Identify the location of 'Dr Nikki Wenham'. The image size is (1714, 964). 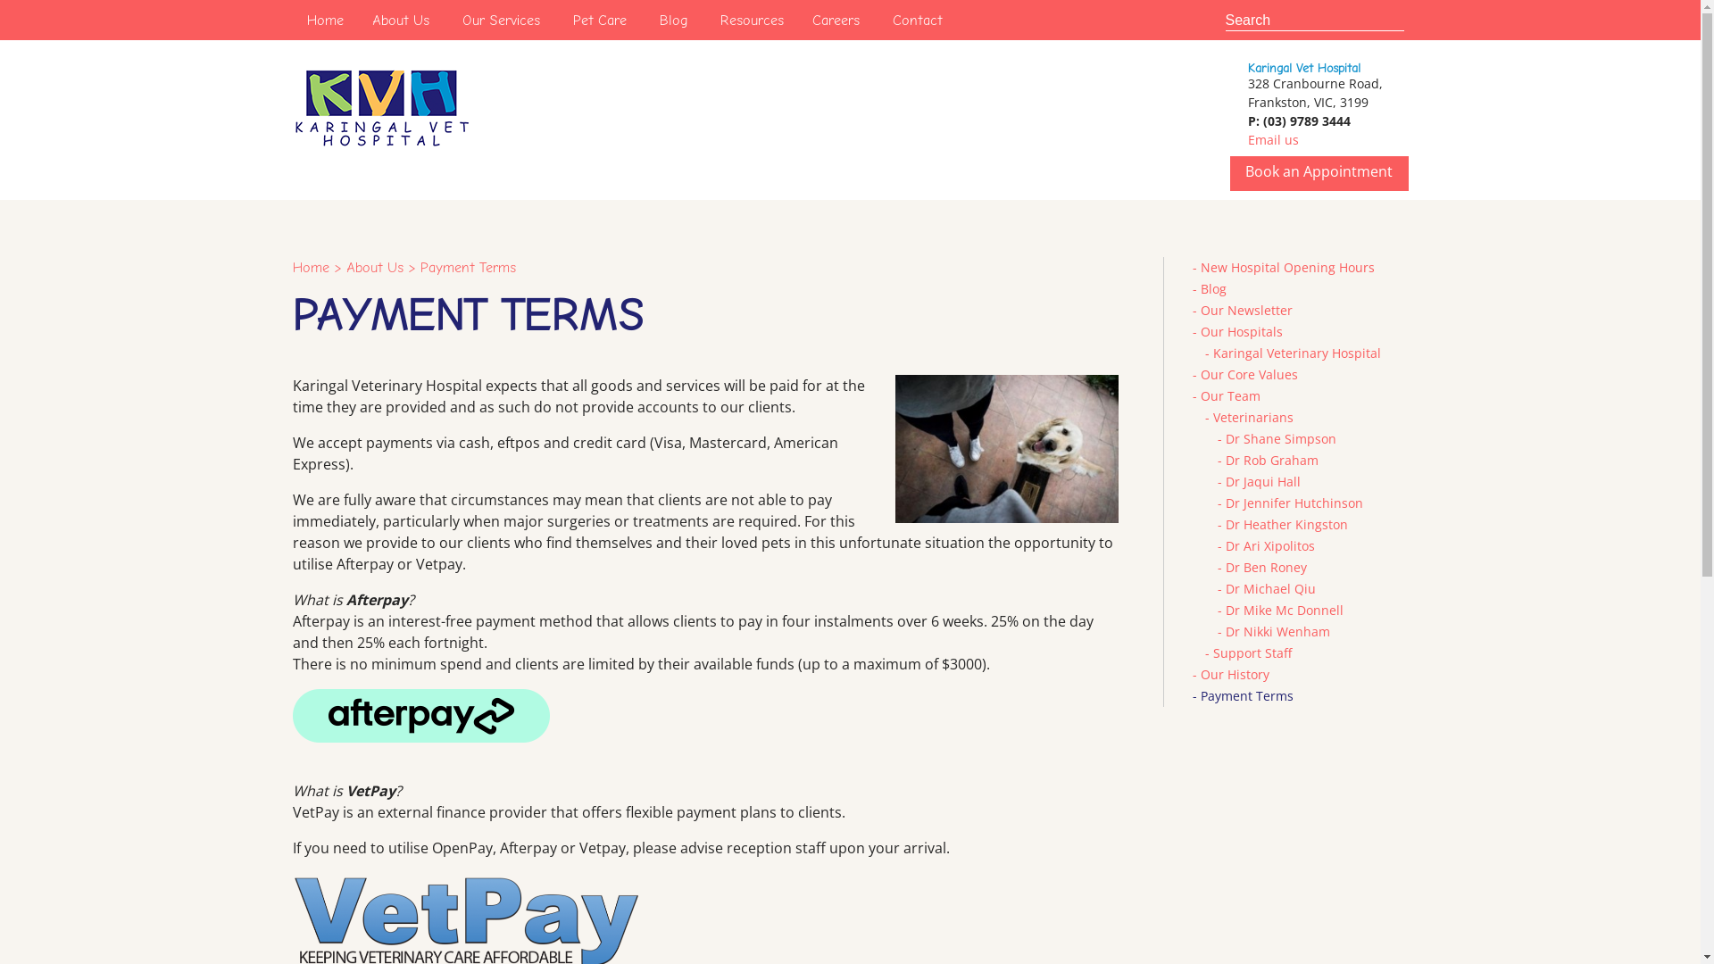
(1276, 630).